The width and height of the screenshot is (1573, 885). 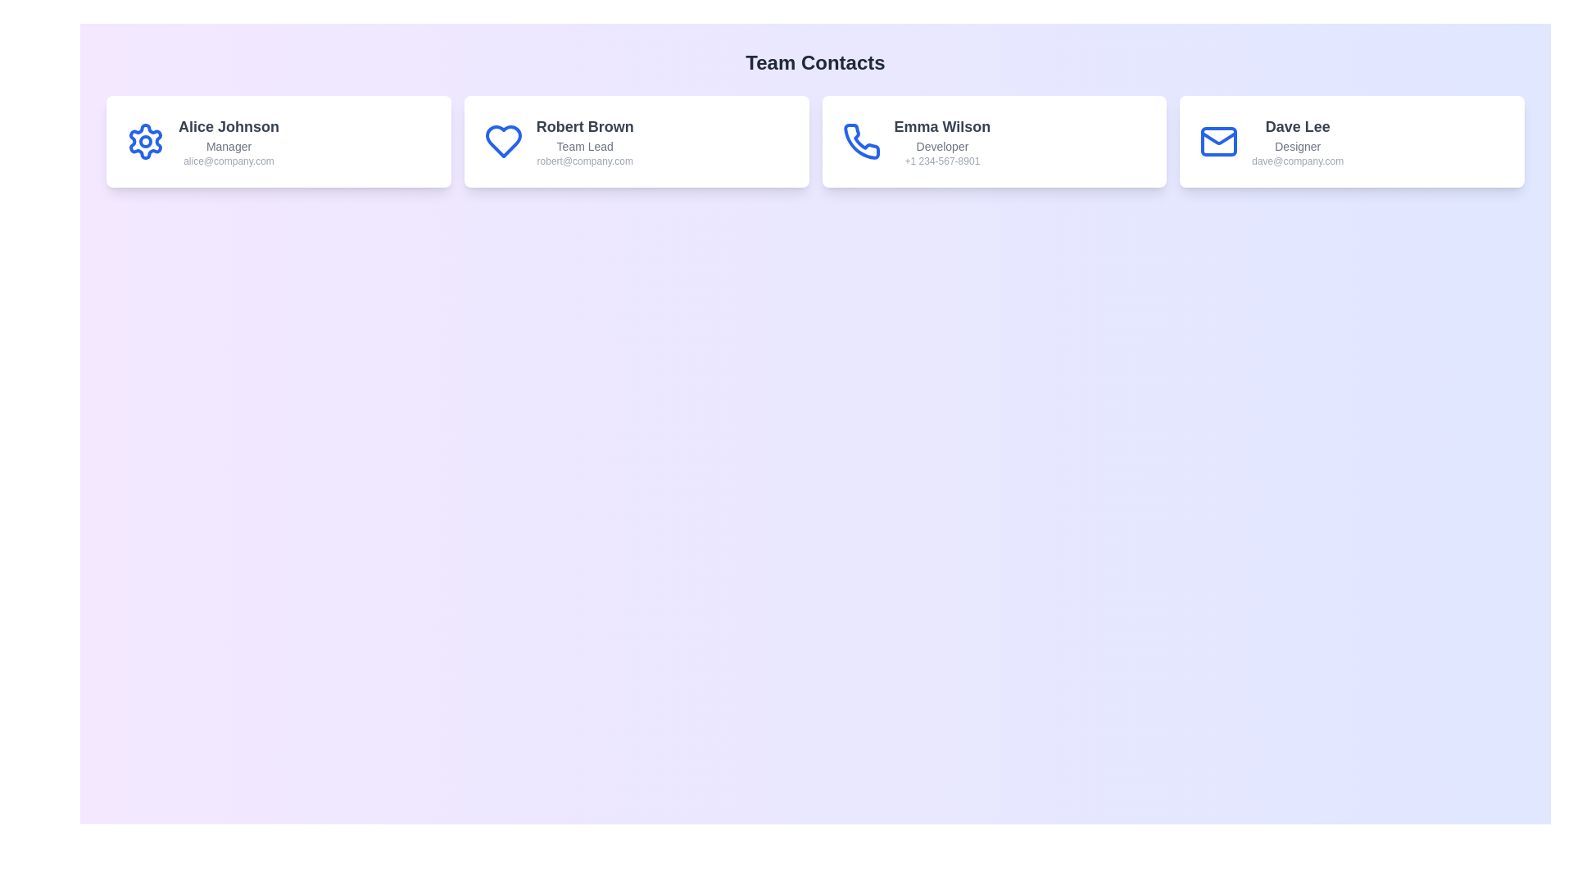 I want to click on the settings icon located to the far left within the card containing Alice Johnson's contact details, so click(x=145, y=141).